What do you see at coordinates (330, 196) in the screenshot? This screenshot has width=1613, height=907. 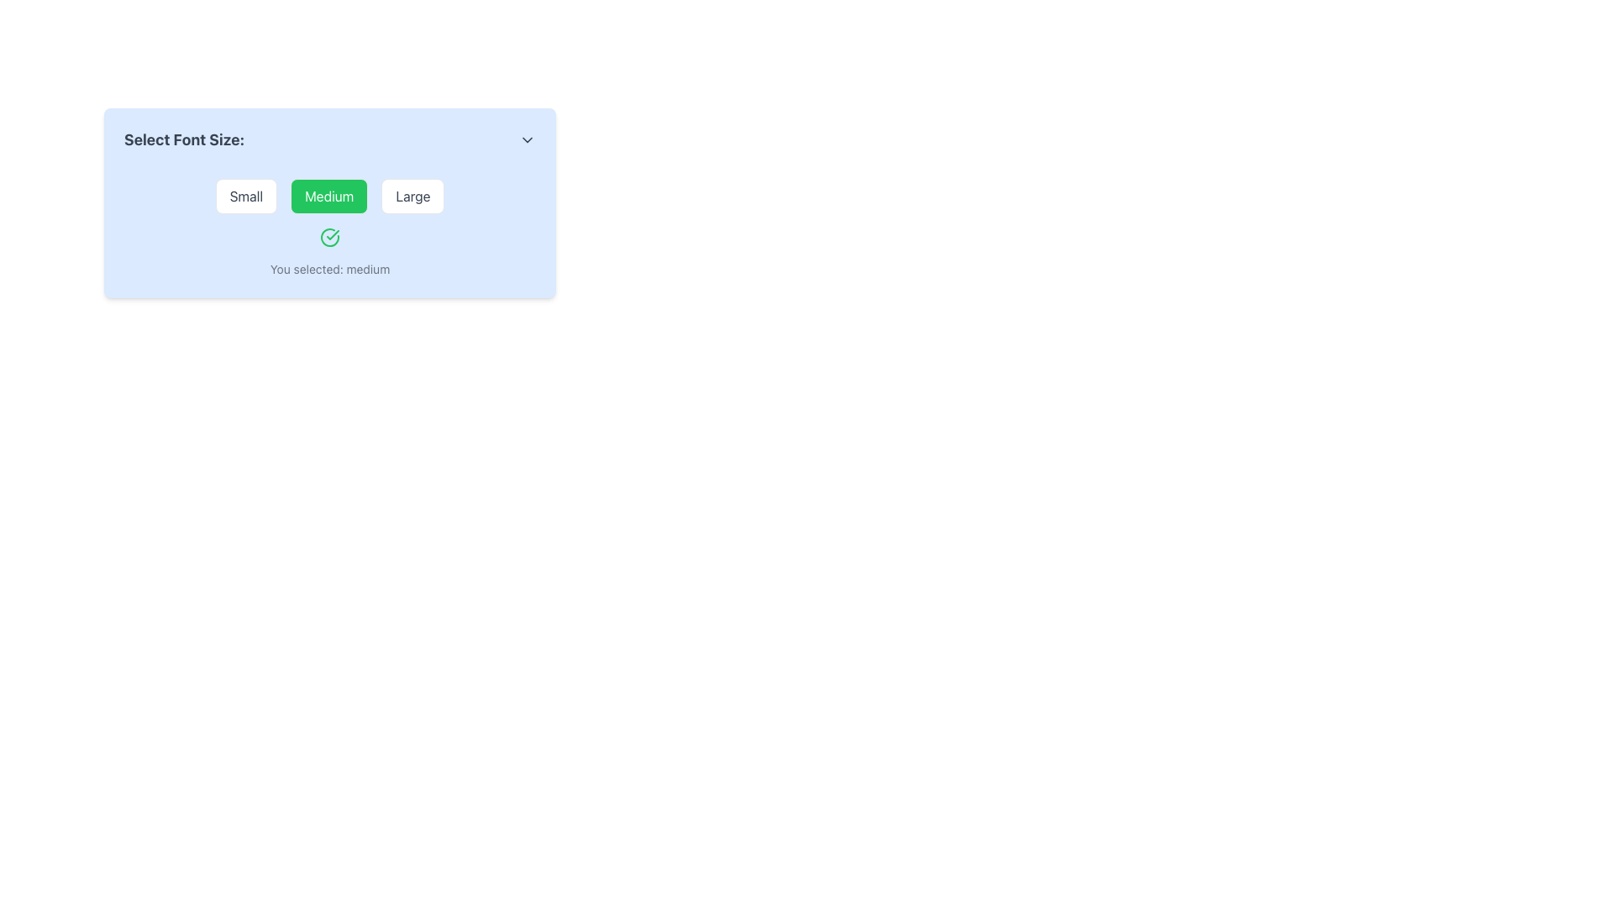 I see `the 'Medium' button in the button group labeled 'Small', 'Medium', and 'Large'` at bounding box center [330, 196].